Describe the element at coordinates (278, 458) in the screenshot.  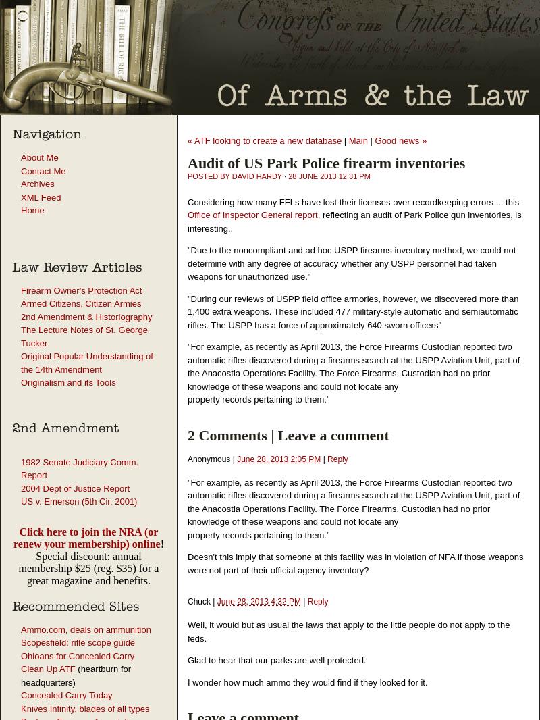
I see `'June 28, 2013  2:05 PM'` at that location.